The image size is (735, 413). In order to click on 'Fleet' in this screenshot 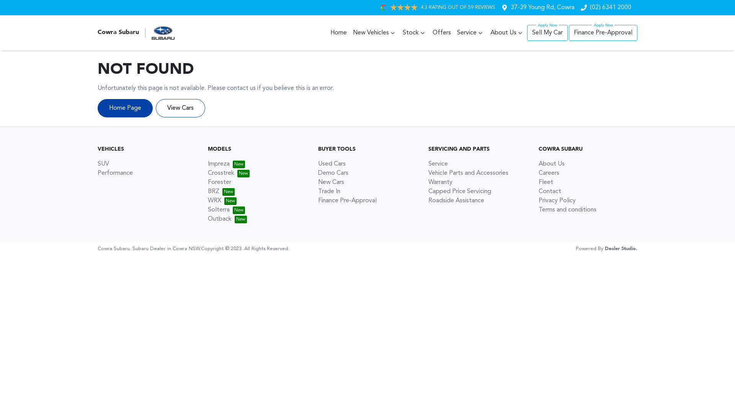, I will do `click(545, 182)`.